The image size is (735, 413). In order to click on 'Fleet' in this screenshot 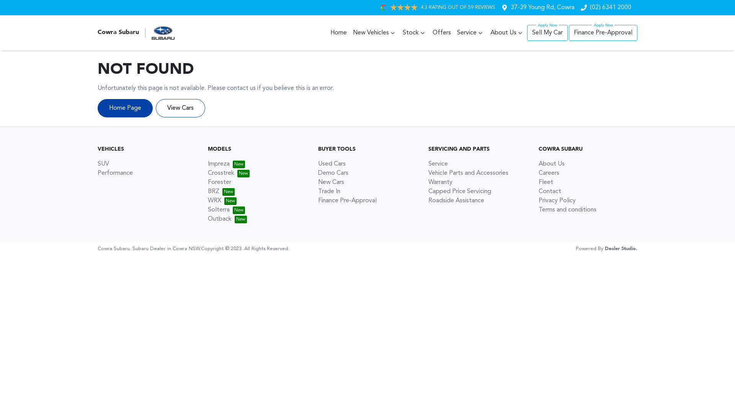, I will do `click(545, 182)`.